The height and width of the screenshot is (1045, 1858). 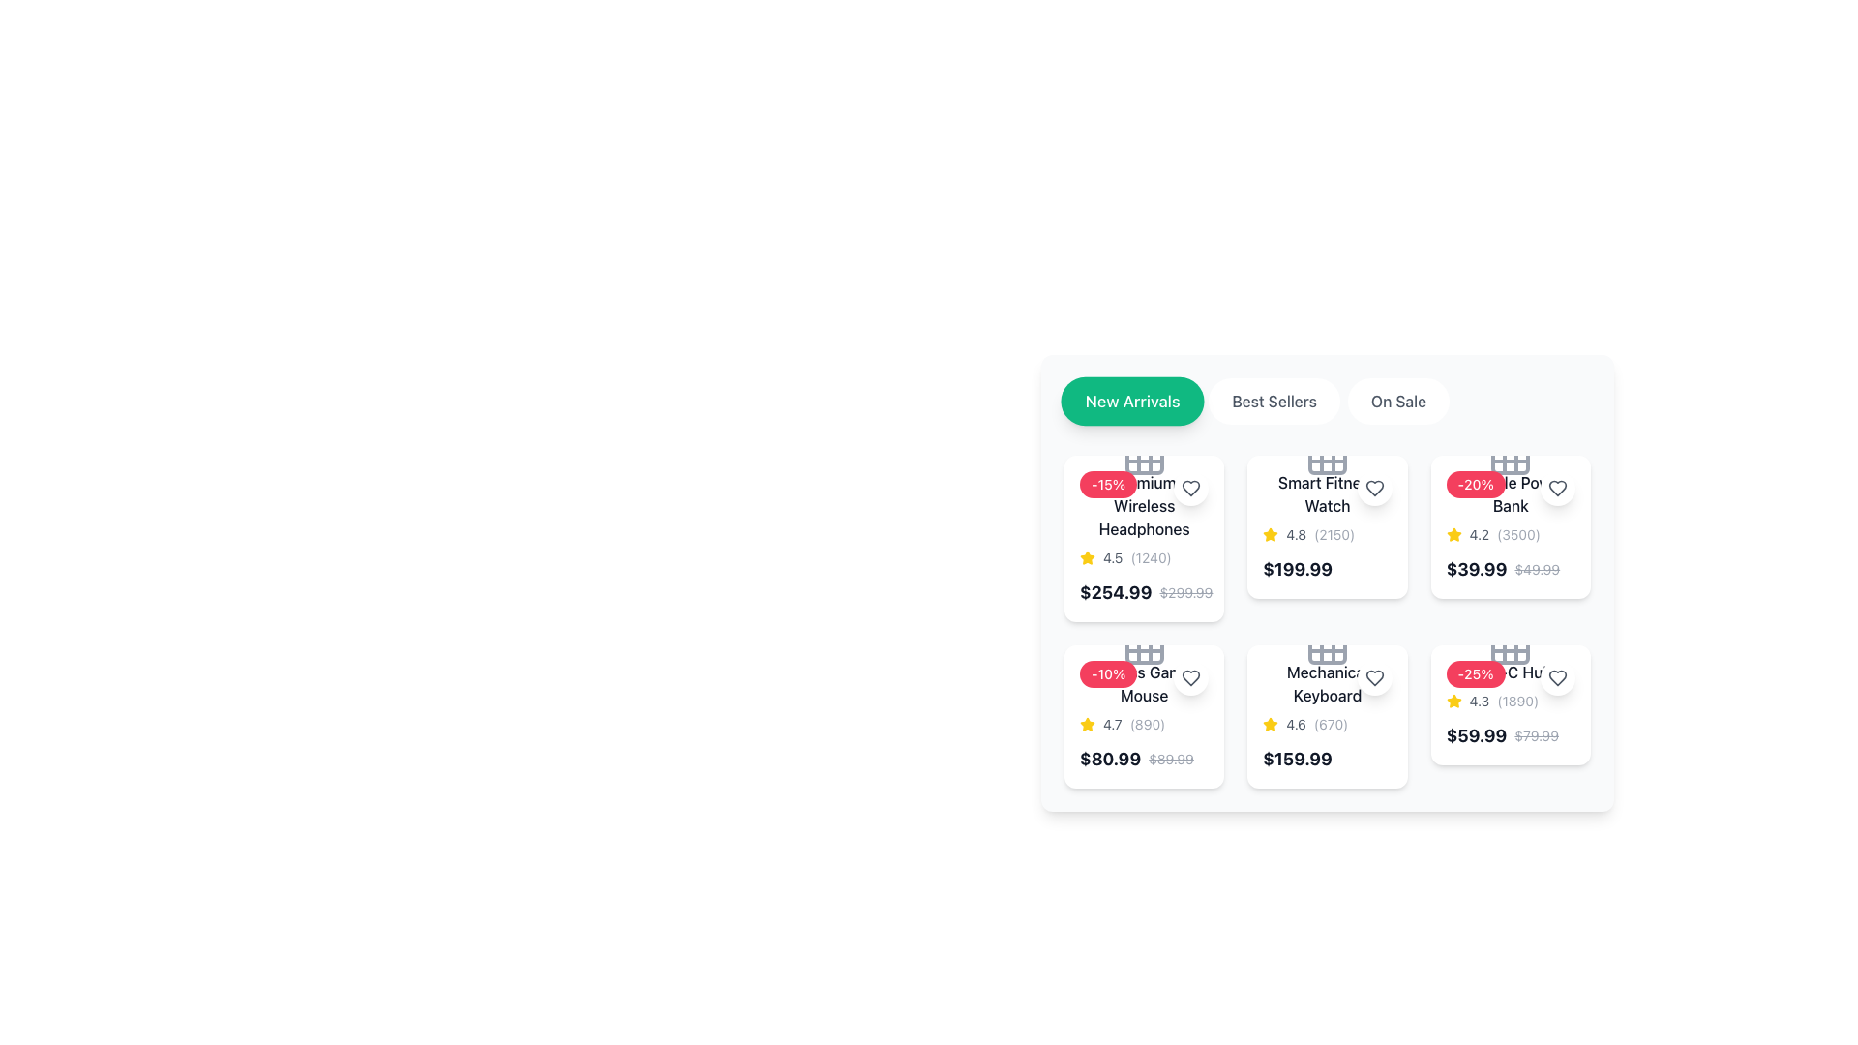 I want to click on the yellow star-shaped icon representing ratings, located below the product's name and to the left of the numerical rating, so click(x=1453, y=534).